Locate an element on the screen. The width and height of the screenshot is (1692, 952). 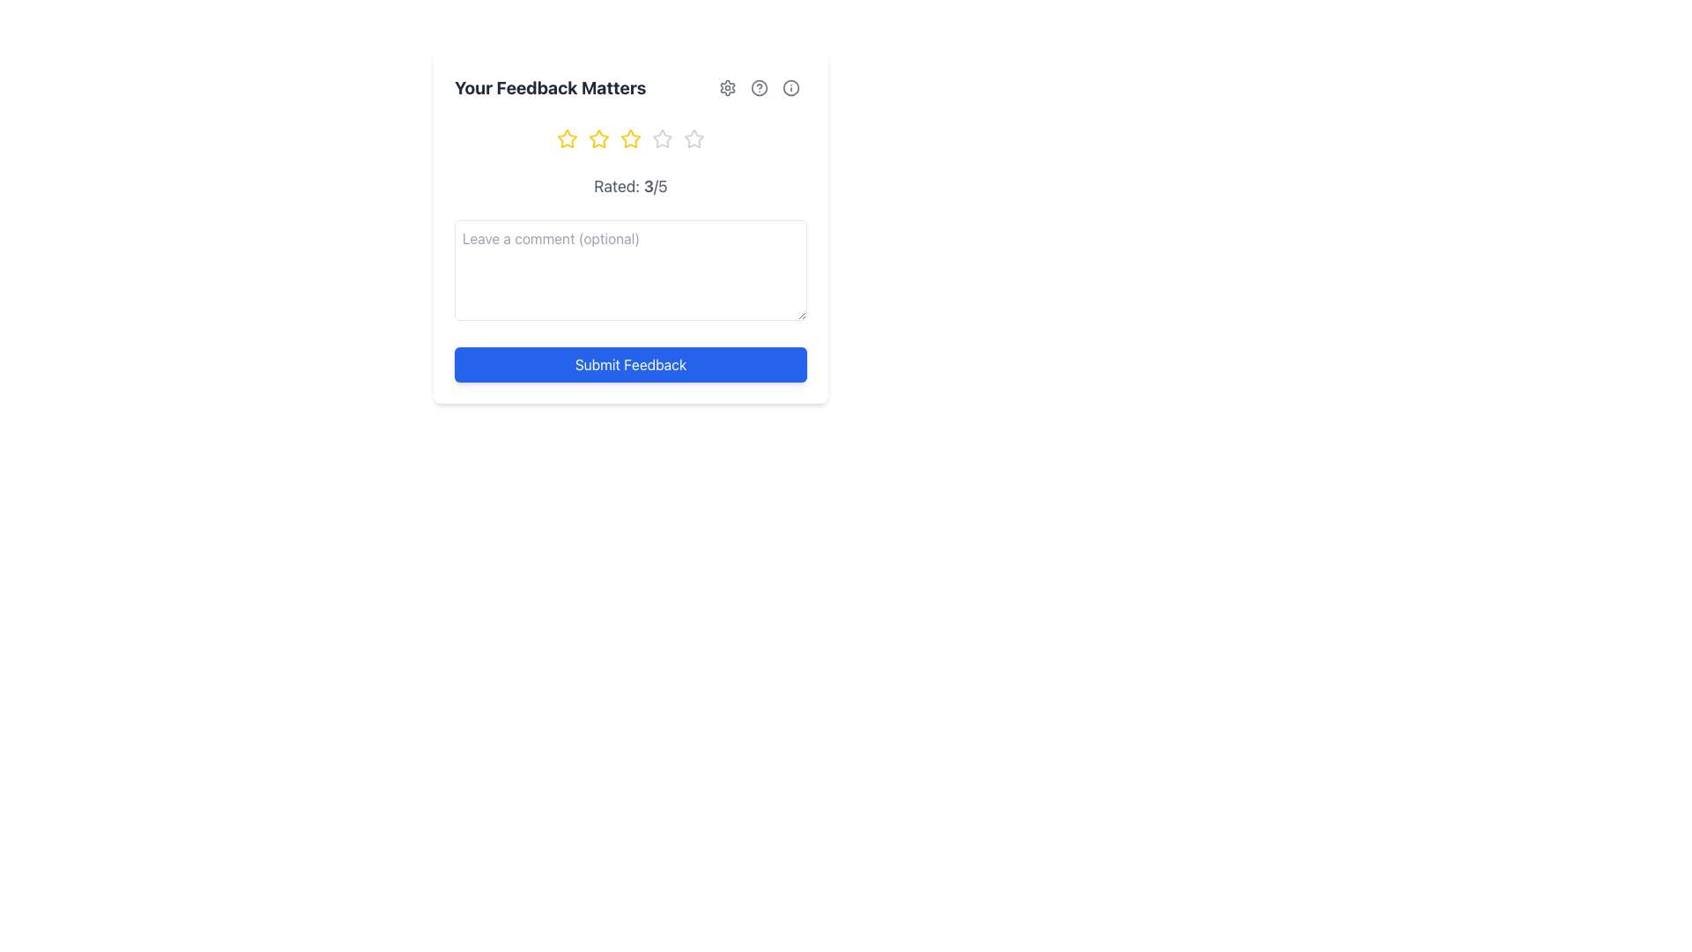
the settings icon located at the top-right of the feedback interface is located at coordinates (727, 88).